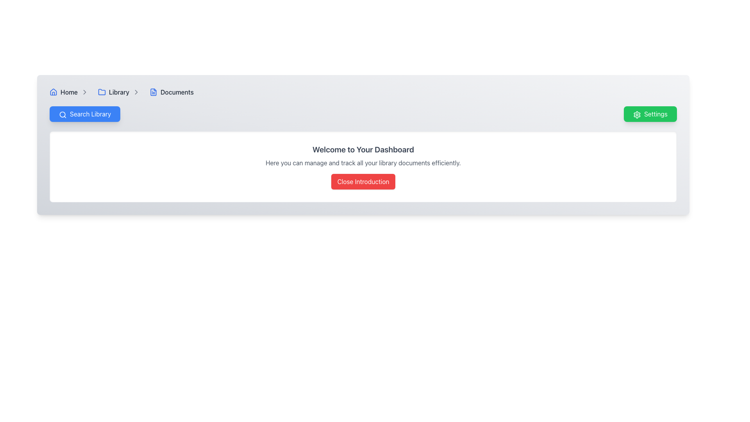 The height and width of the screenshot is (422, 750). I want to click on the SVG icon representing the 'Documents' section in the breadcrumb navigation for information, so click(154, 91).